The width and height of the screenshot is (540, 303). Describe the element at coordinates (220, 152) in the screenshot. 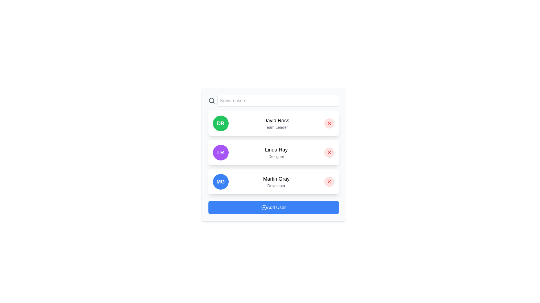

I see `the circular badge with initials 'LR' which has a purple background, located beside the user name 'Linda Ray' and designation 'Designer' in the second user card` at that location.